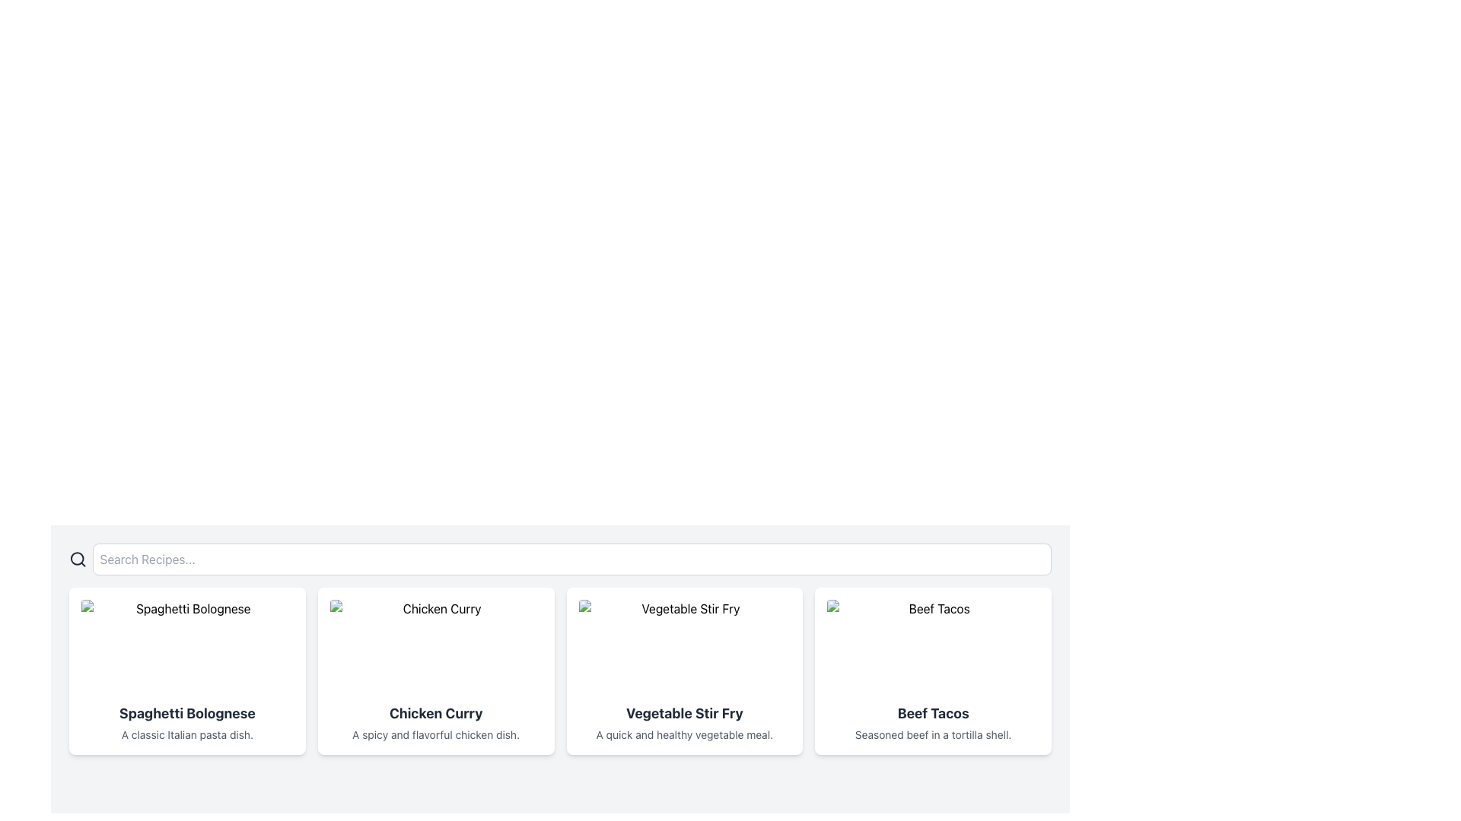 The image size is (1461, 821). Describe the element at coordinates (186, 713) in the screenshot. I see `the text label that serves as the title of the recipe displayed in the leftmost recipe card, located below the image placeholder and above the description text` at that location.